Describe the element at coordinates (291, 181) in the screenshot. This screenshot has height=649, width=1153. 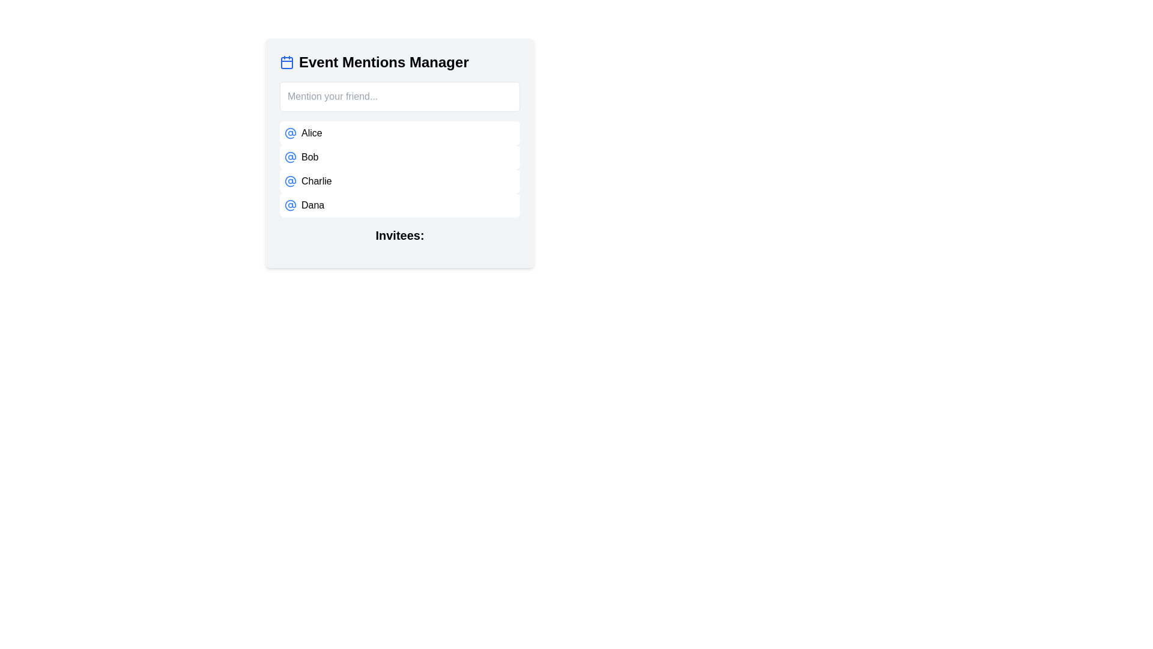
I see `the '@' icon next to the entry labeled 'Charlie' in the invitee list, which is the third icon in a vertical list of '@' icons` at that location.